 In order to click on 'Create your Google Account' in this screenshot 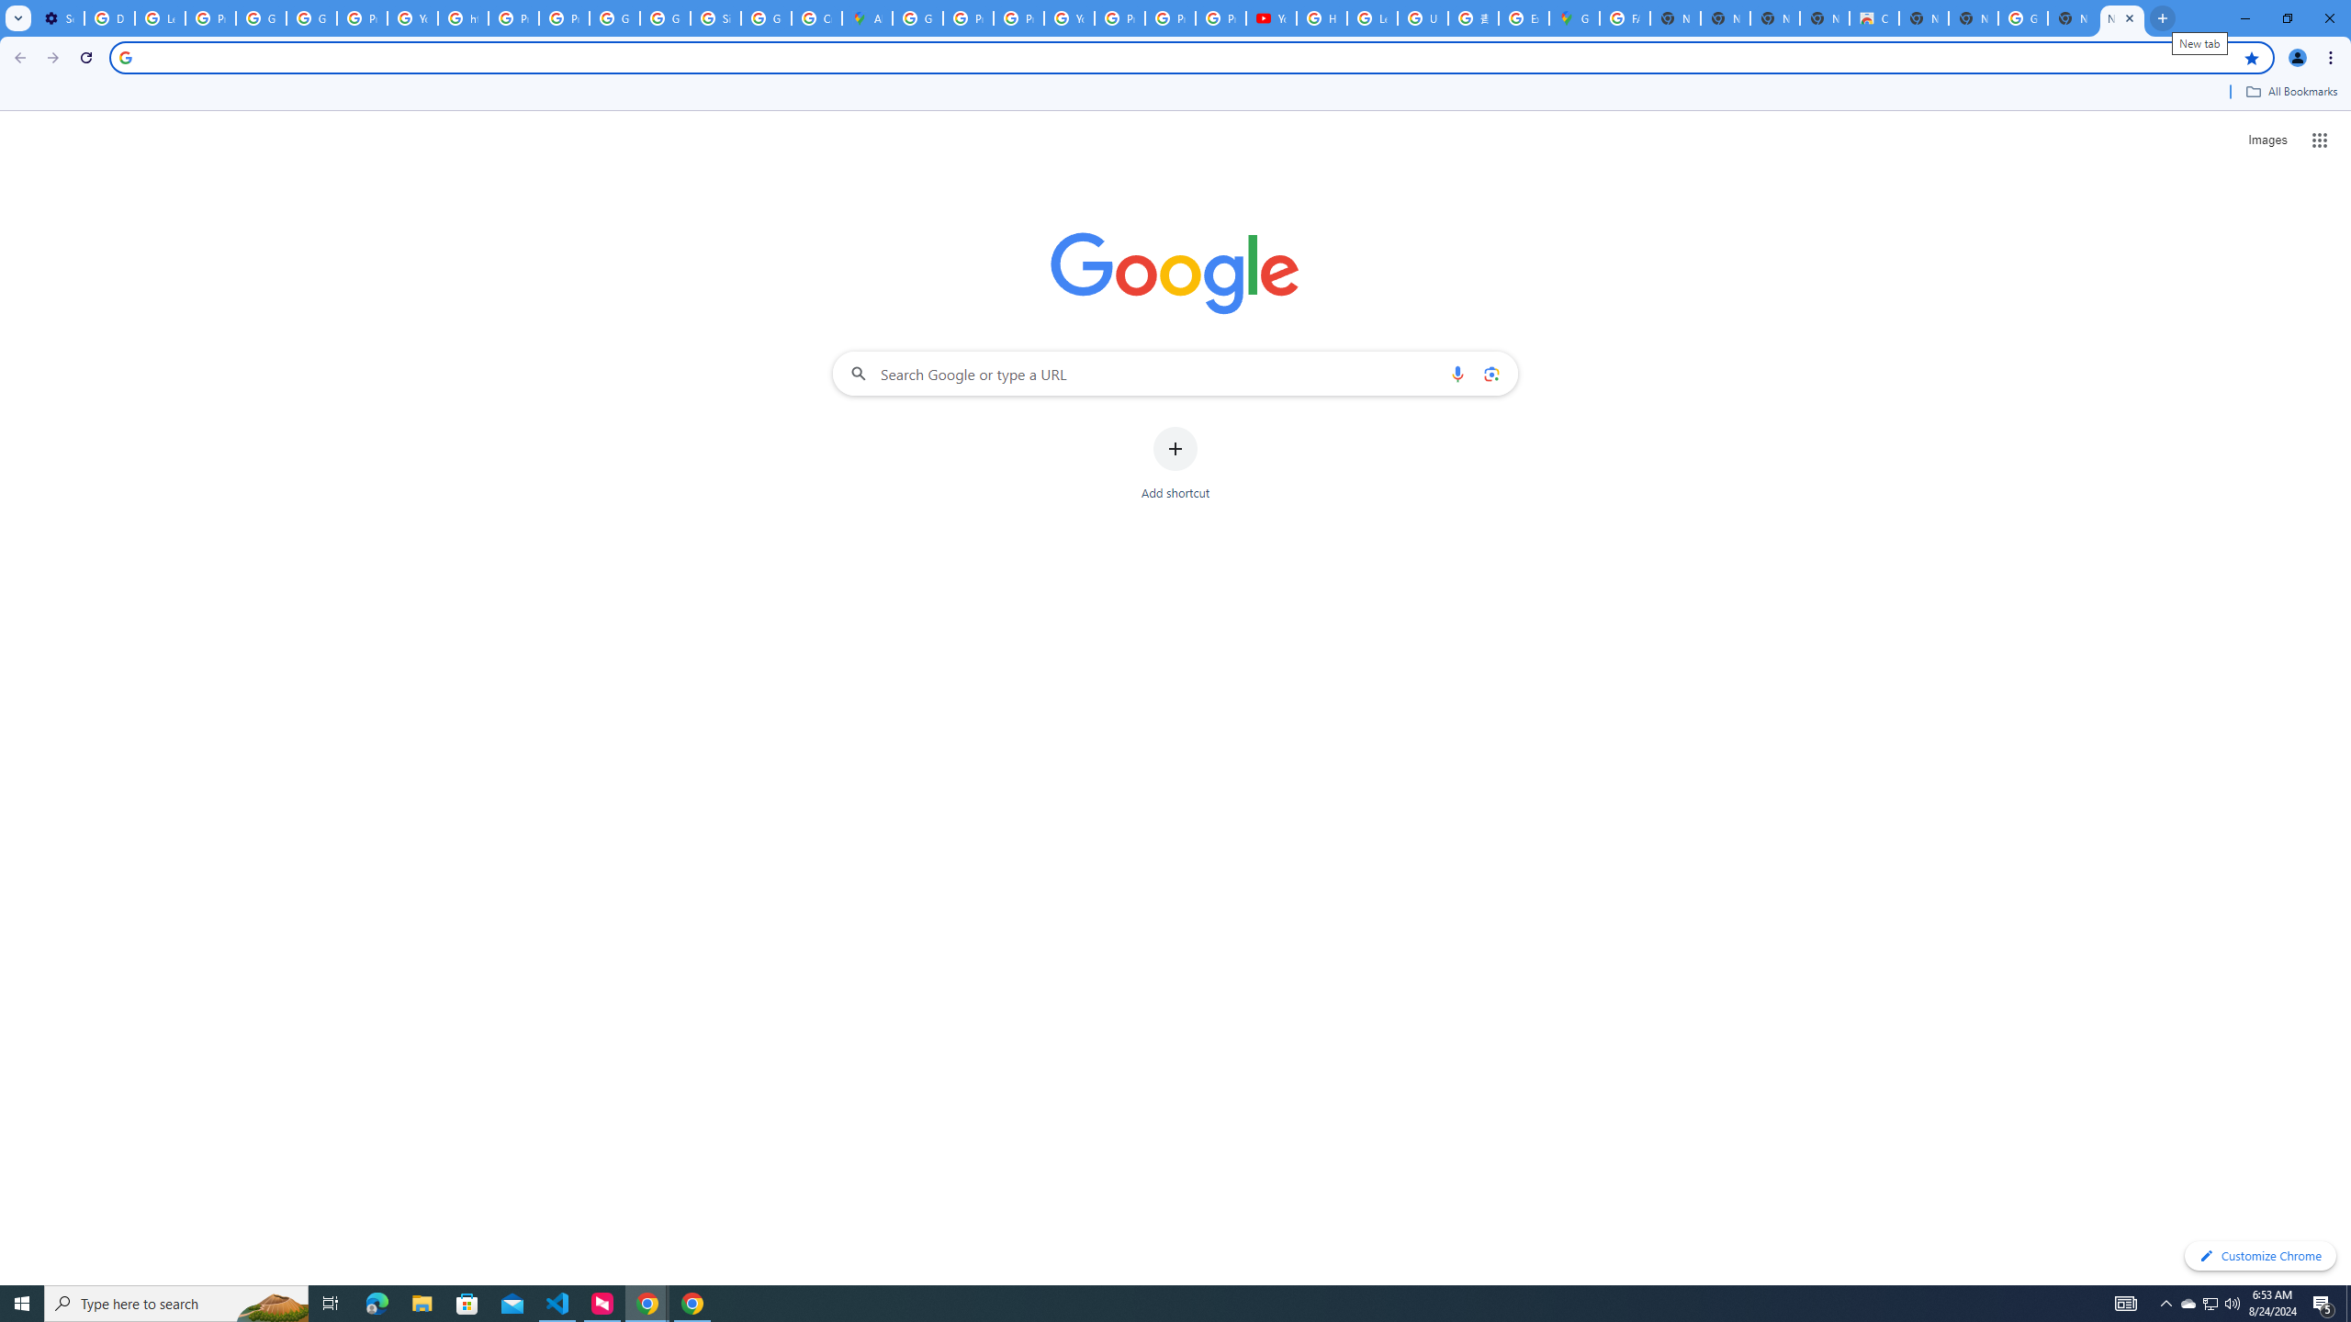, I will do `click(816, 17)`.